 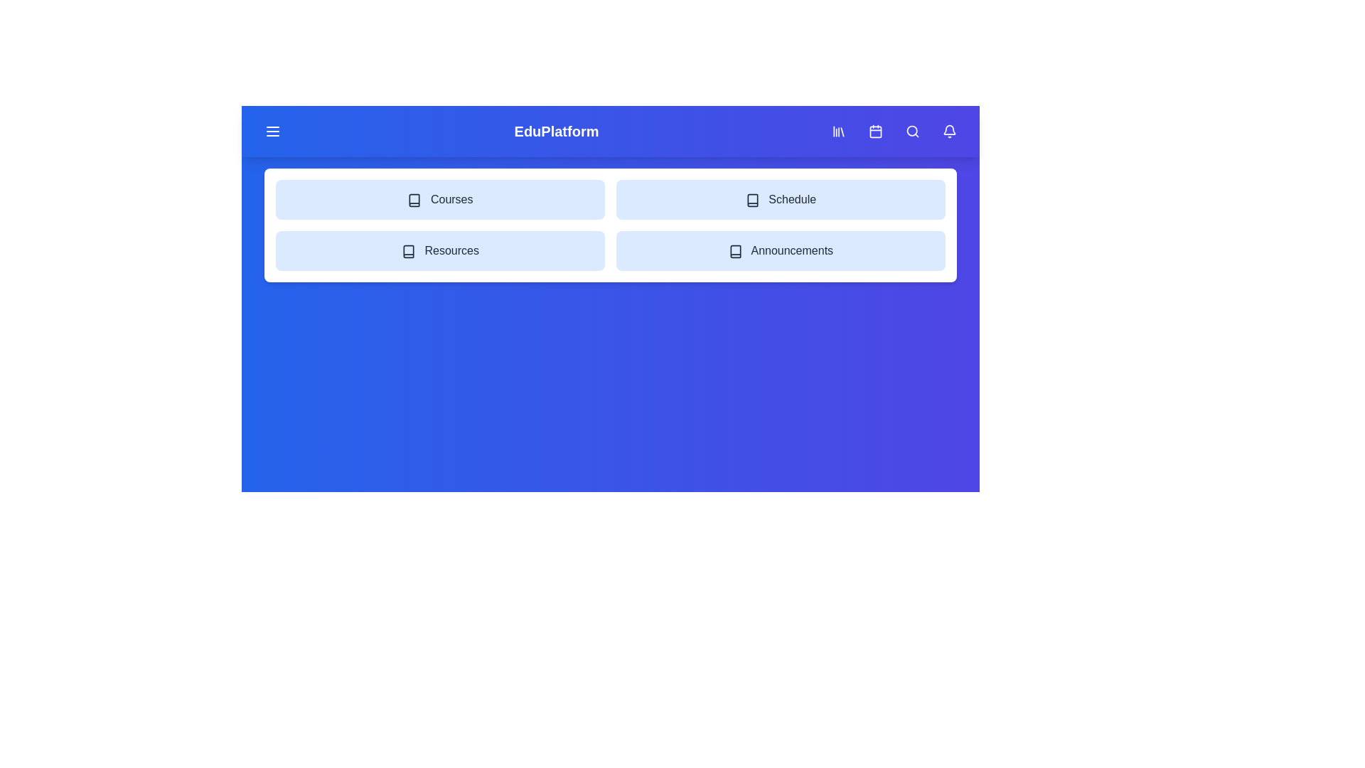 I want to click on the 'Library' icon button, so click(x=839, y=132).